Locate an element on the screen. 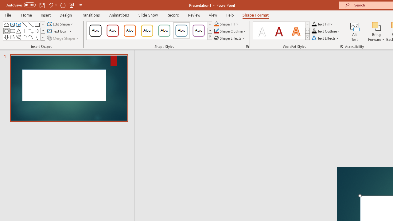  'Format Text Effects...' is located at coordinates (341, 46).